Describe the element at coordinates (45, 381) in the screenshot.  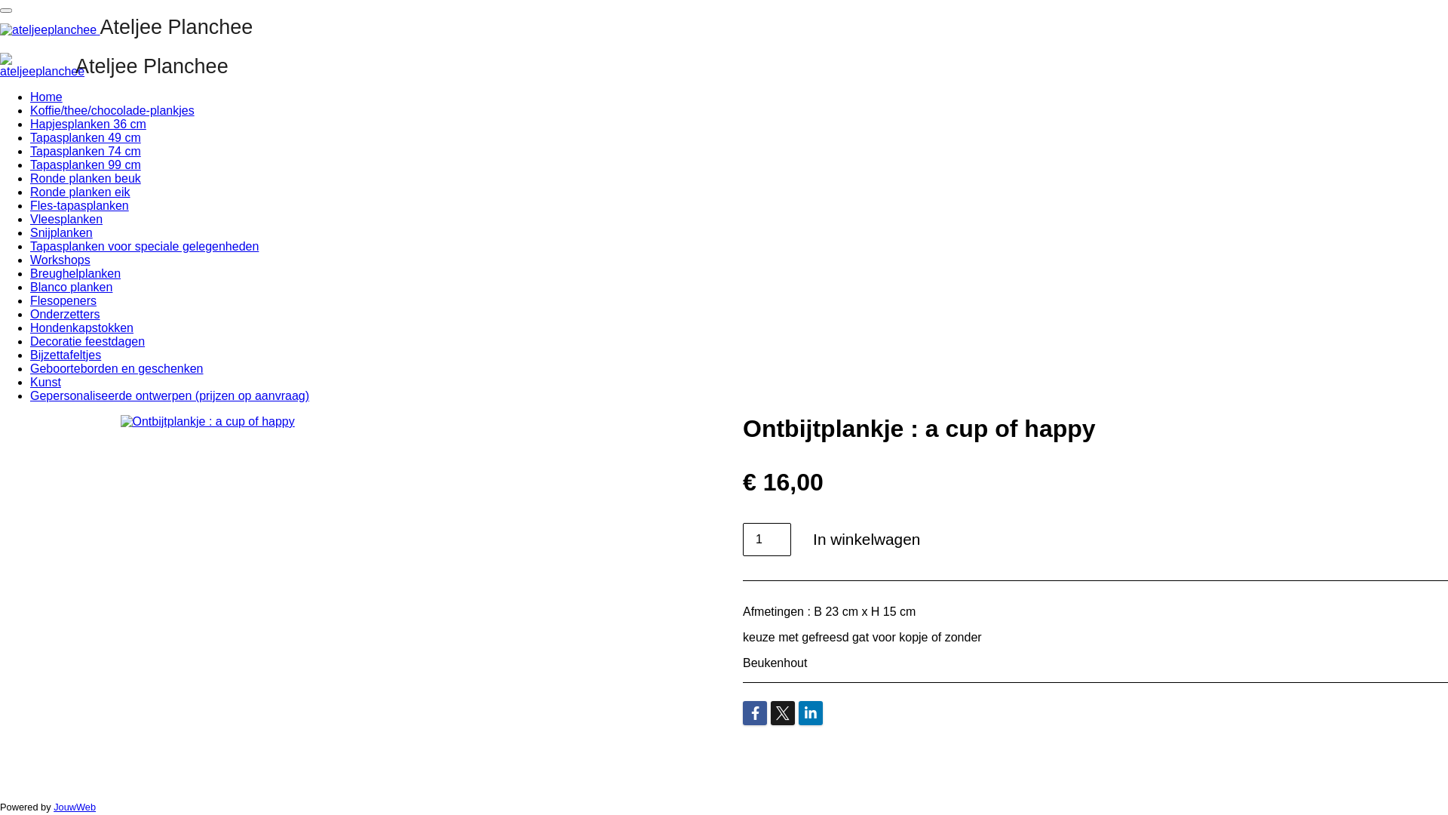
I see `'Kunst'` at that location.